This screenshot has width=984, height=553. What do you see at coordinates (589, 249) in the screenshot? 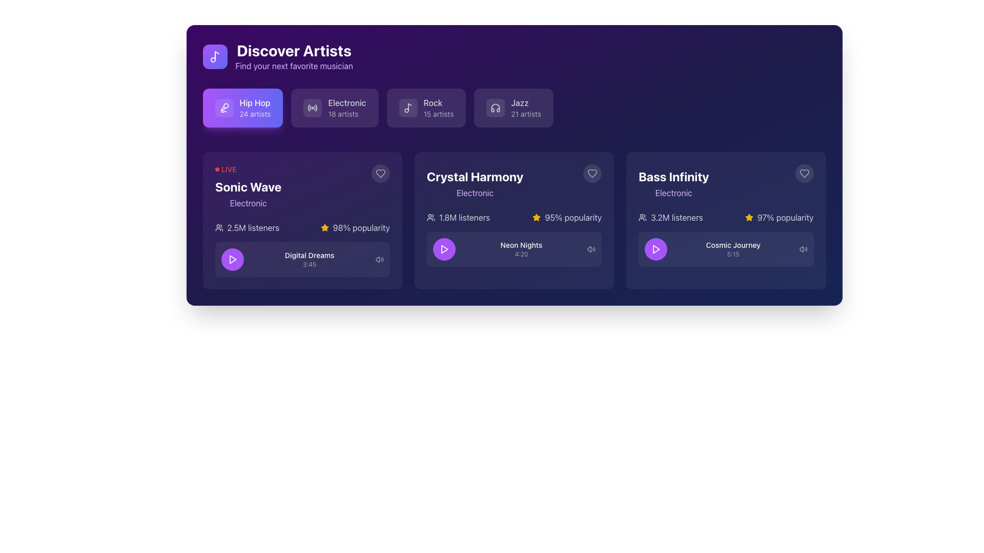
I see `the leftmost contour of the speaker cone within the speaker icon in the audio control interface` at bounding box center [589, 249].